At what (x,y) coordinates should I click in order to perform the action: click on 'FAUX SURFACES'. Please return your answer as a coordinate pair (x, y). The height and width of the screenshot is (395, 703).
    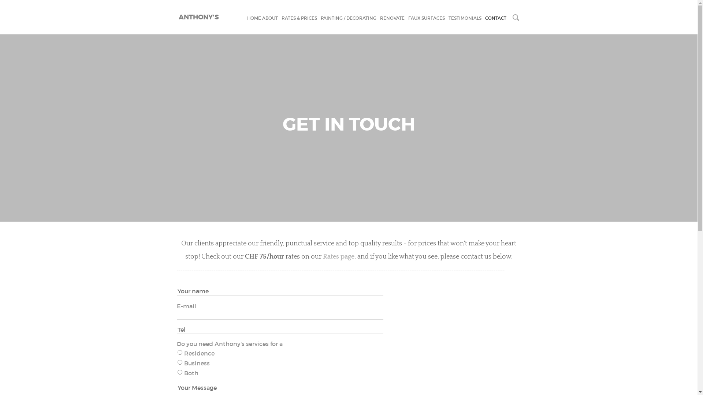
    Looking at the image, I should click on (426, 18).